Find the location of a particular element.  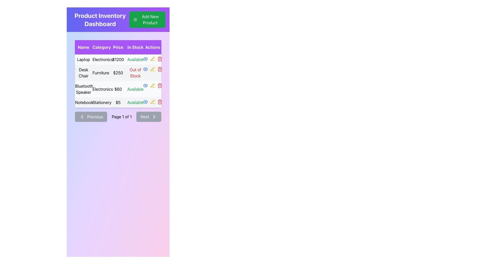

the yellow pen icon button located under the 'Actions' column of the third row in the table to initiate editing is located at coordinates (152, 69).